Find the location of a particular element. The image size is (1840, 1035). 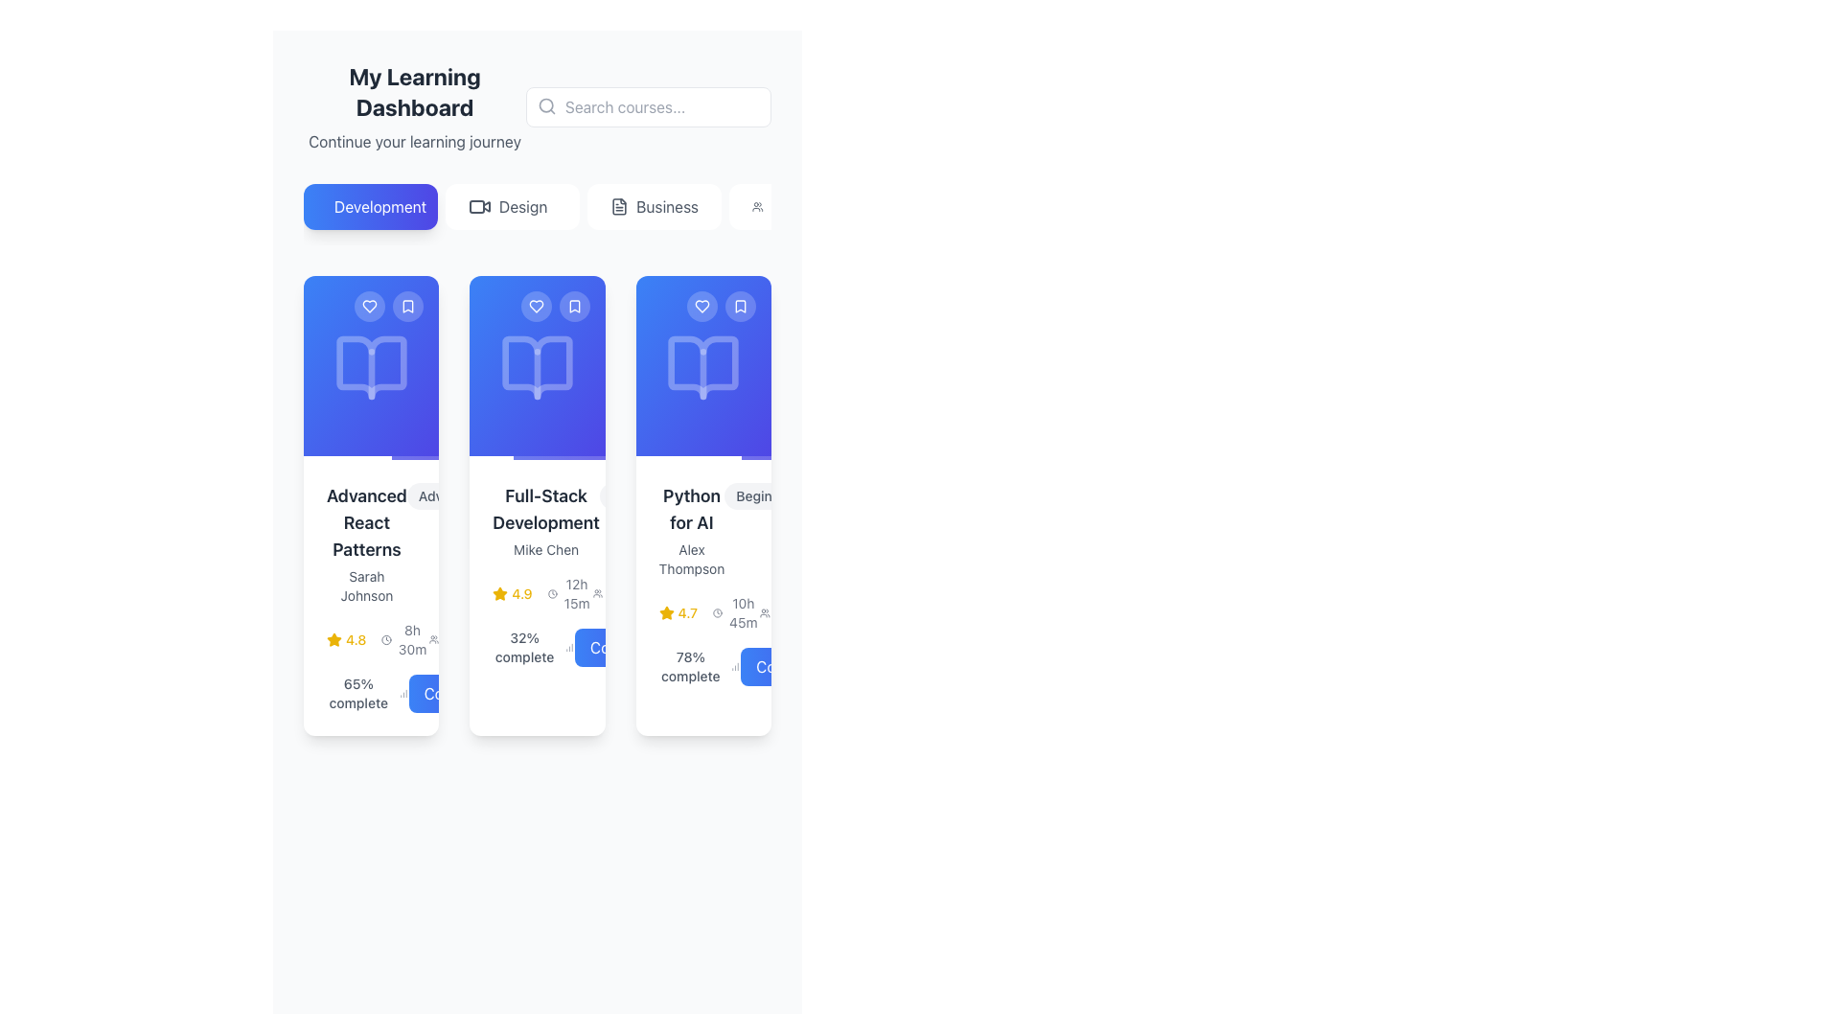

text from the Text Label element displaying 'Python for AI' and 'Alex Thompson', located in the middle section of the third course card from the left is located at coordinates (690, 531).